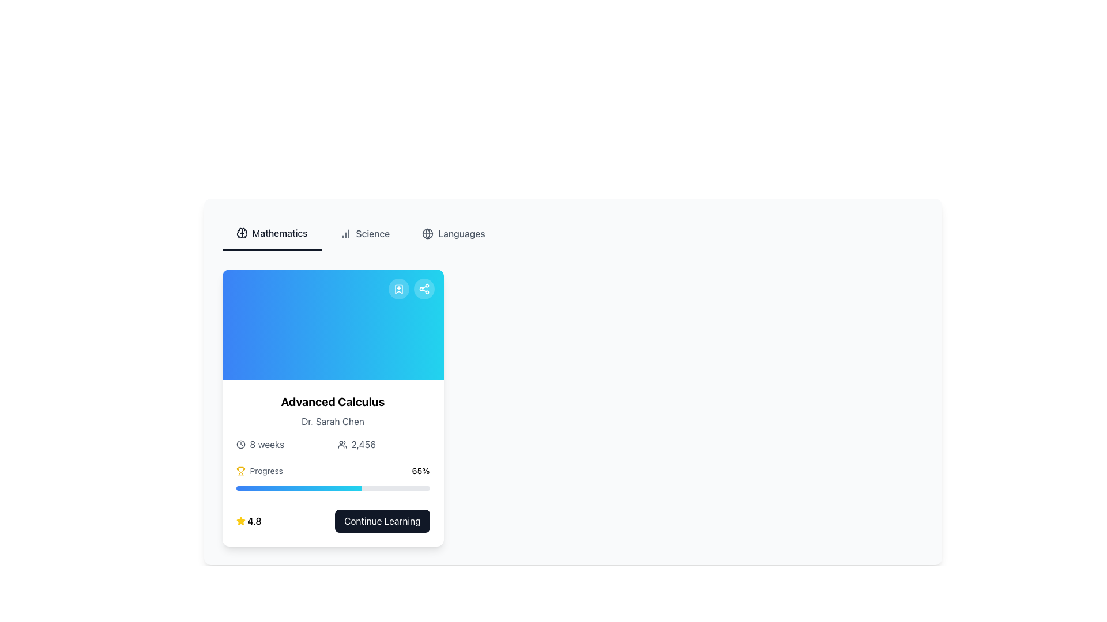  What do you see at coordinates (240, 443) in the screenshot?
I see `the circular vector graphic element, styled with no fill and a stroked line, which is part of the clock icon in the SVG located near the top-right corner of the 'Advanced Calculus' card` at bounding box center [240, 443].